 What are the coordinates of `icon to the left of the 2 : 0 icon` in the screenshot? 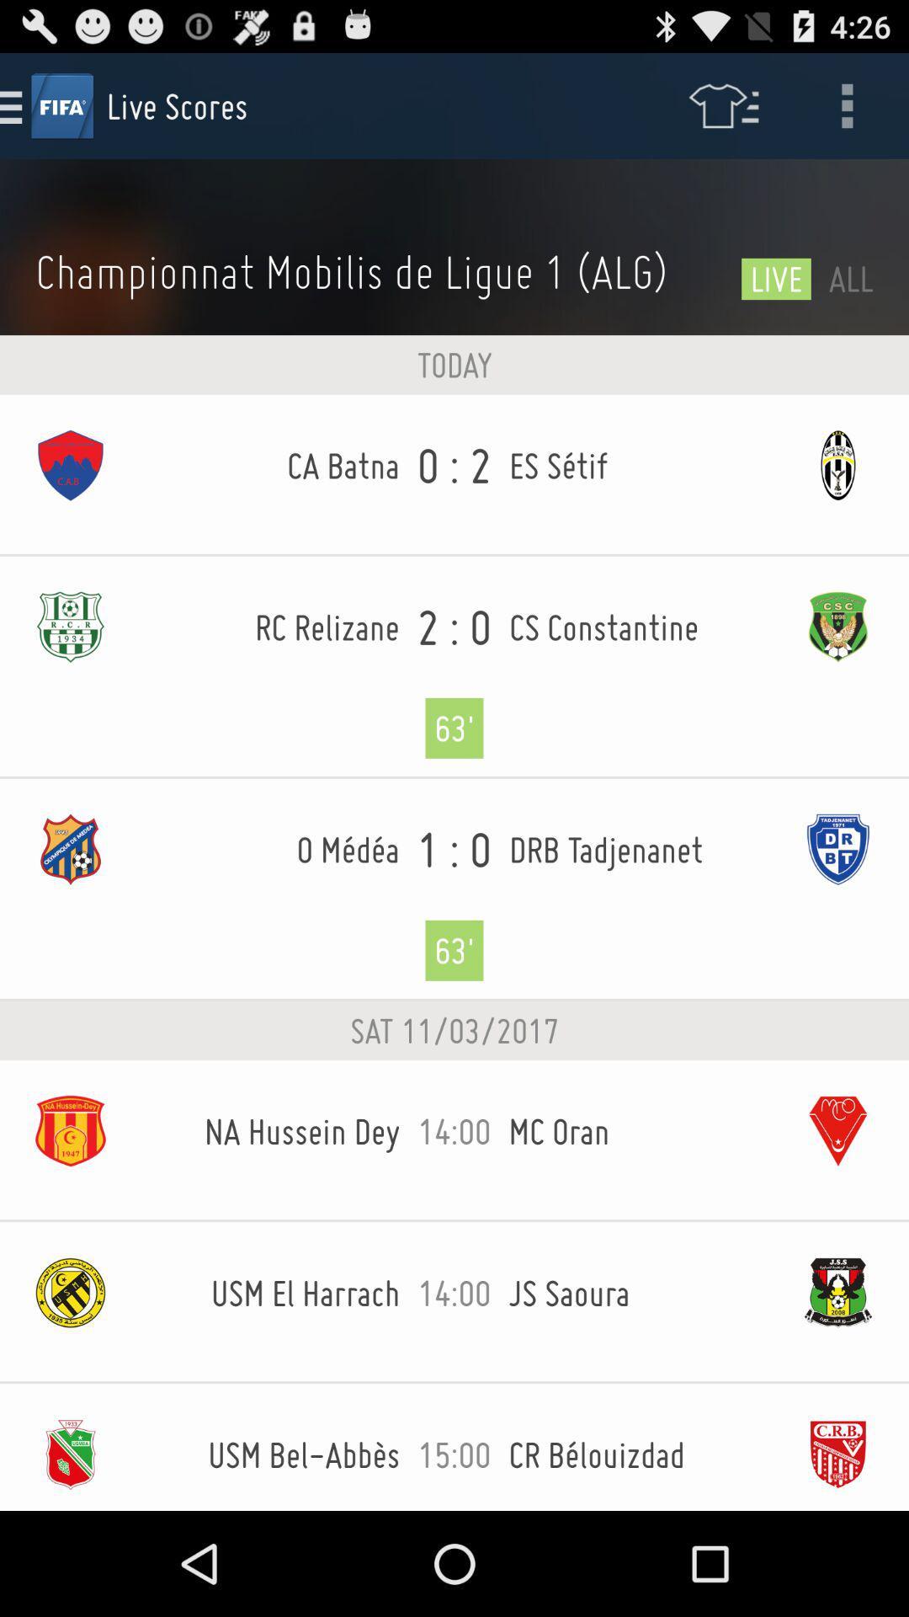 It's located at (269, 626).